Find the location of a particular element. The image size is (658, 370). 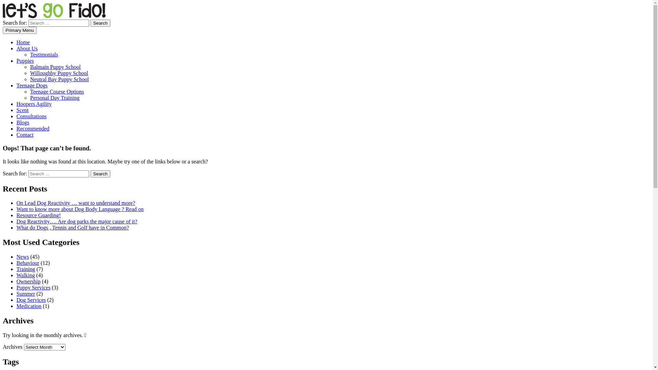

'Home' is located at coordinates (16, 42).